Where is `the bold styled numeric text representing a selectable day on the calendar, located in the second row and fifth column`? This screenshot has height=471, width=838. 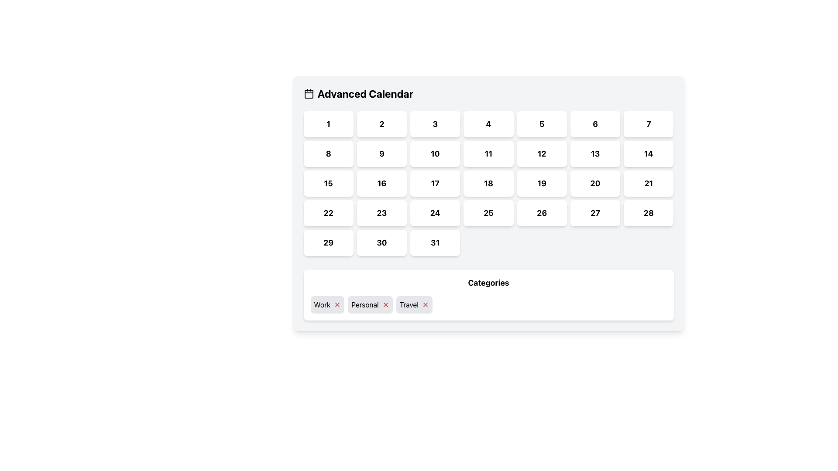
the bold styled numeric text representing a selectable day on the calendar, located in the second row and fifth column is located at coordinates (541, 124).